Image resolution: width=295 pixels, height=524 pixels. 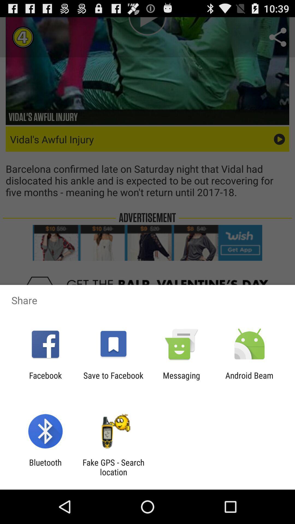 What do you see at coordinates (45, 467) in the screenshot?
I see `bluetooth app` at bounding box center [45, 467].